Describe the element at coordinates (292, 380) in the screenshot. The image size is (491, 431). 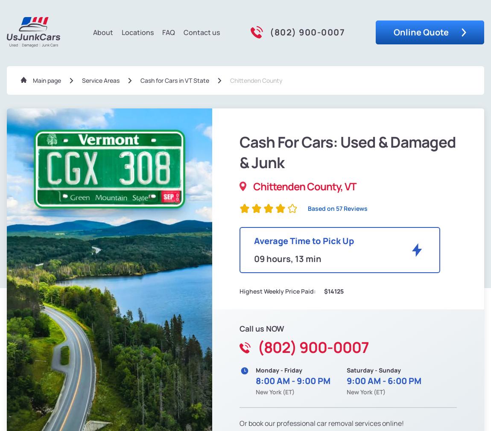
I see `'8:00 AM - 9:00 PM'` at that location.